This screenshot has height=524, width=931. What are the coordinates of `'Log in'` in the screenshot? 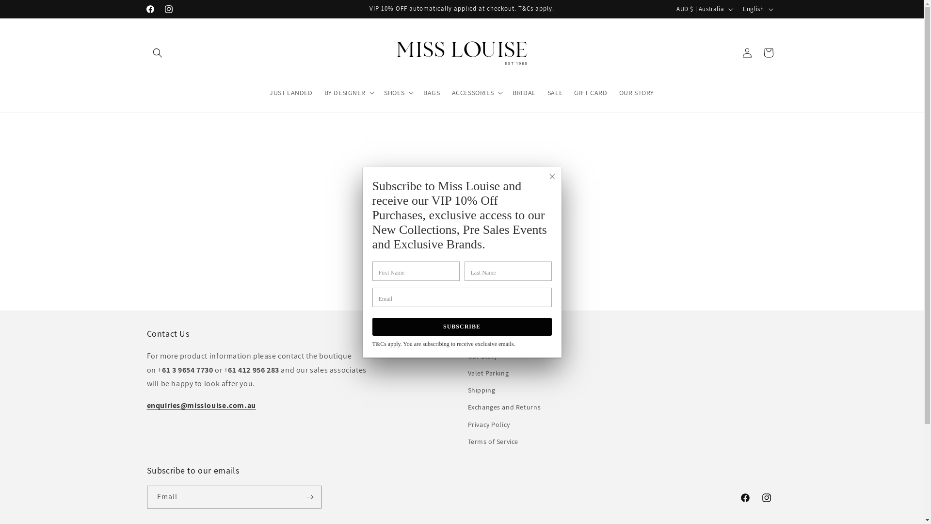 It's located at (736, 52).